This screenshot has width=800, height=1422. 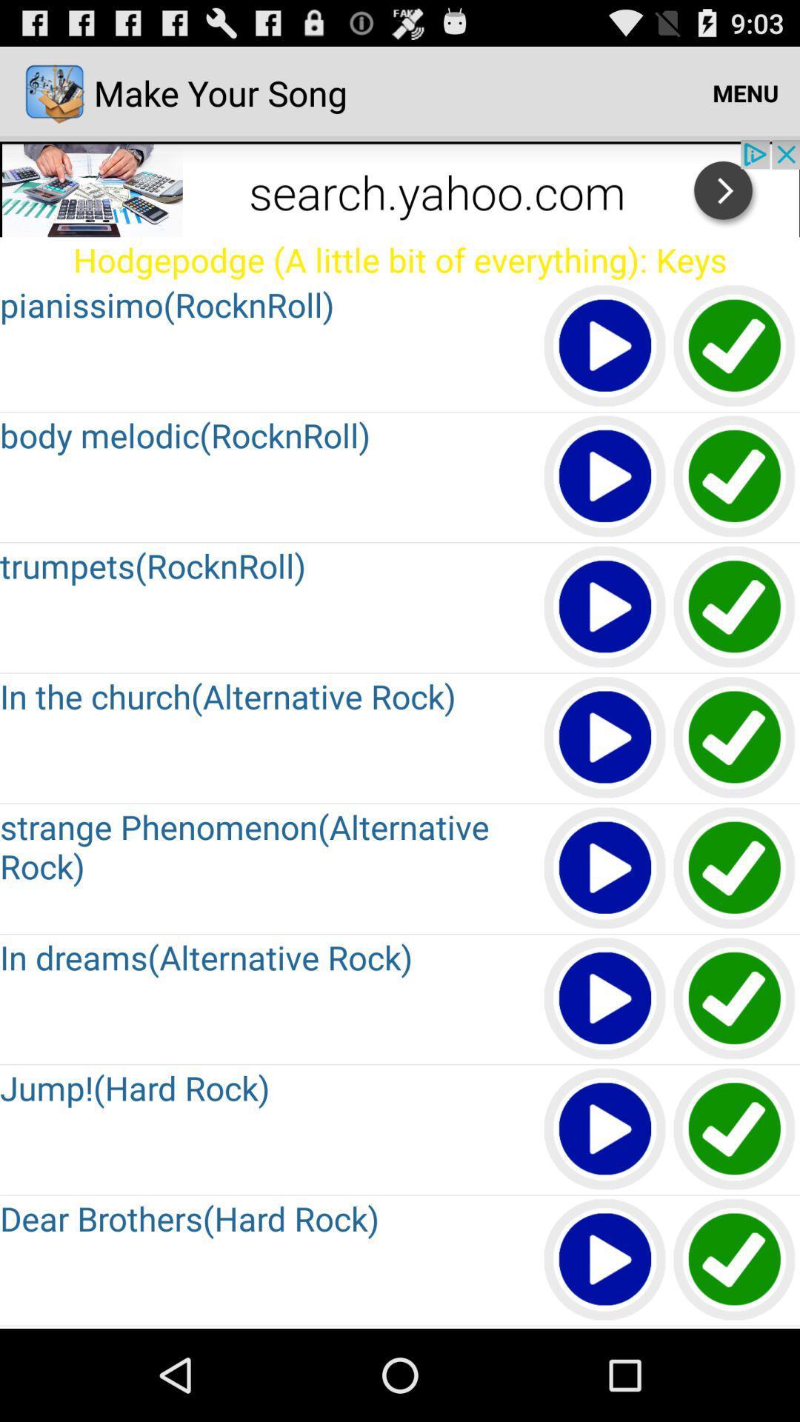 I want to click on button, so click(x=605, y=346).